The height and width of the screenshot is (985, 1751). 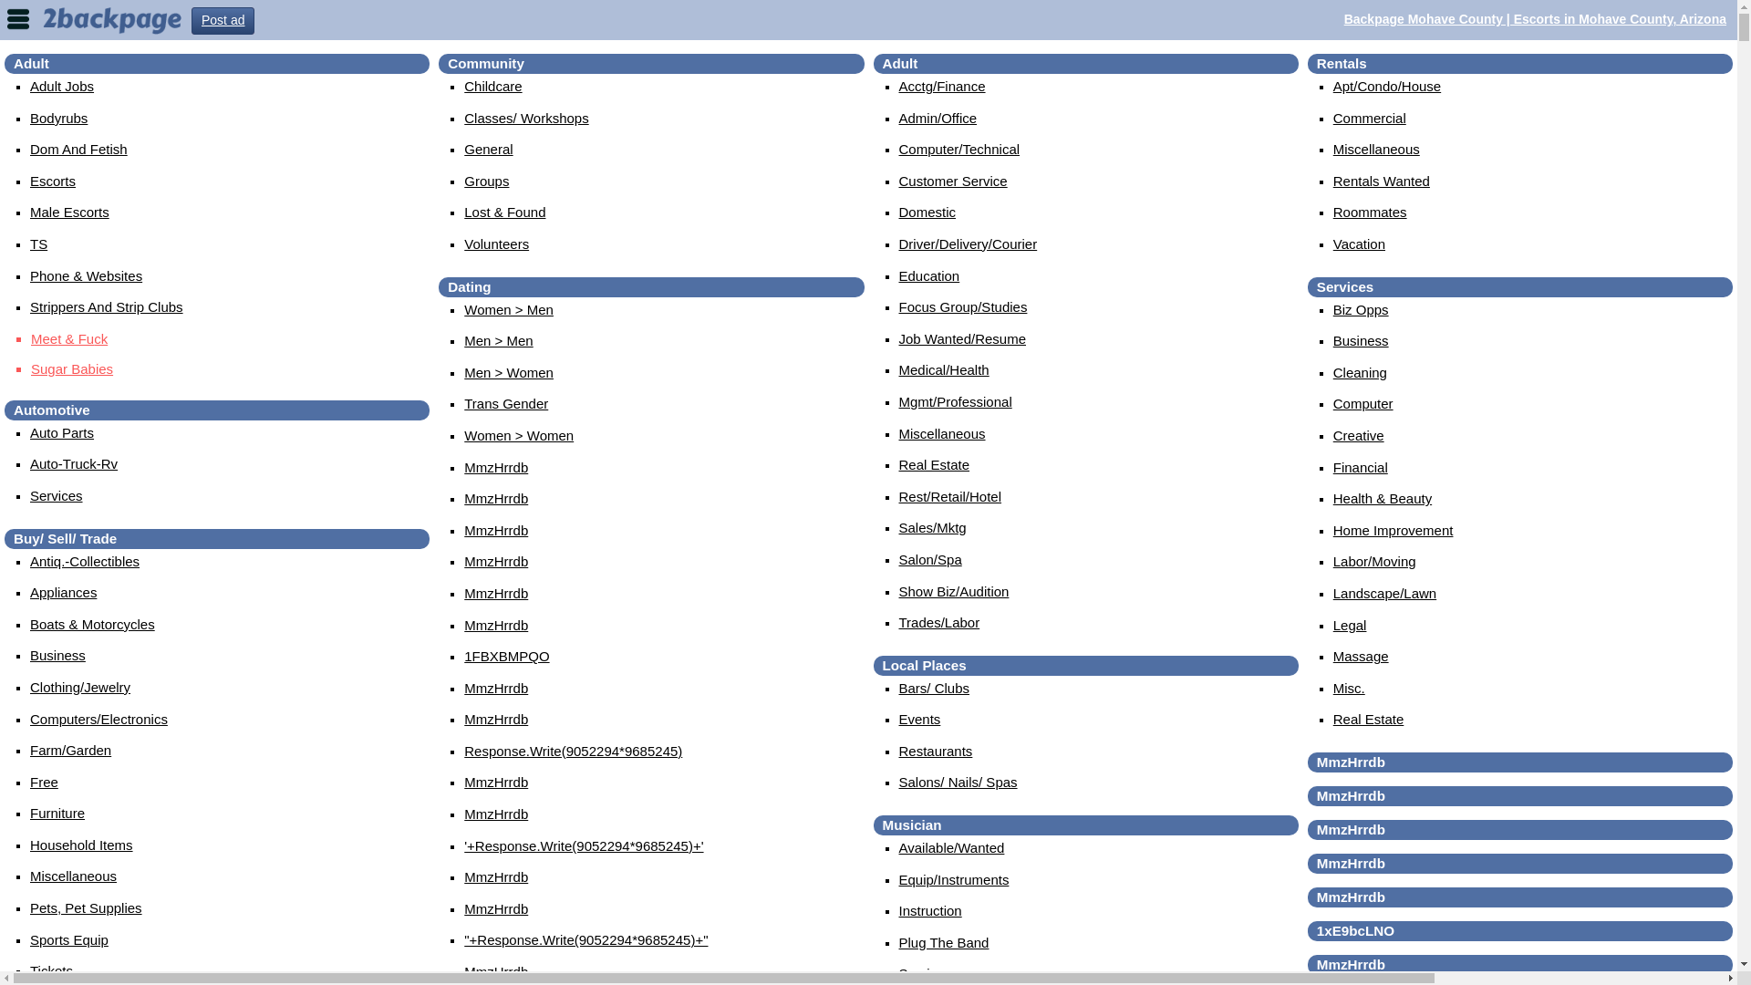 What do you see at coordinates (898, 910) in the screenshot?
I see `'Instruction'` at bounding box center [898, 910].